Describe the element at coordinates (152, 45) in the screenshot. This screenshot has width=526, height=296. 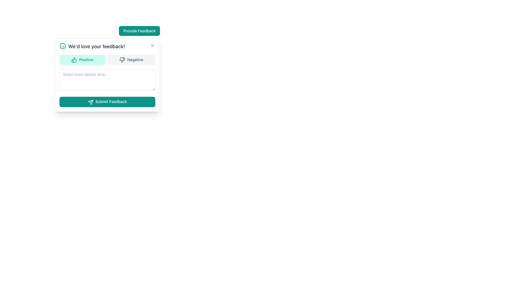
I see `the close button located at the top-right corner of the feedback dialog titled 'We'd love your feedback!'` at that location.